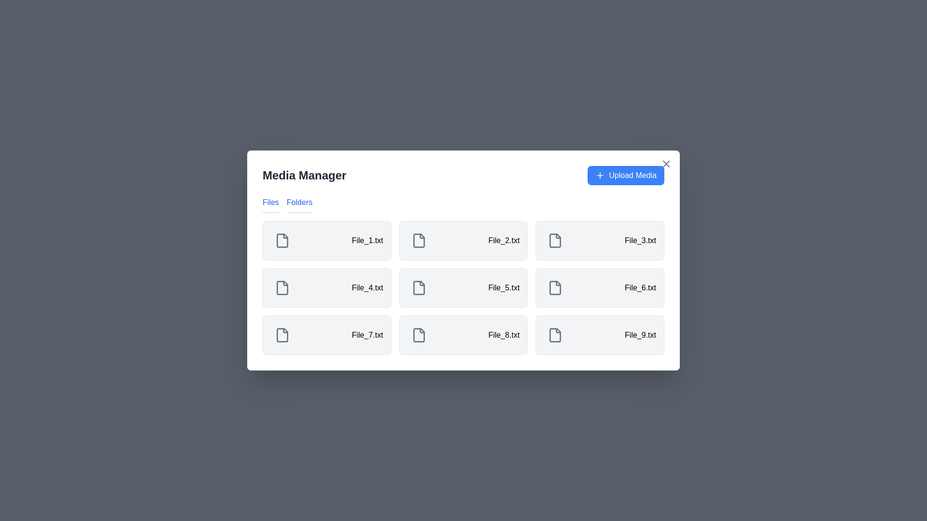 Image resolution: width=927 pixels, height=521 pixels. Describe the element at coordinates (555, 334) in the screenshot. I see `the document file type icon representing 'File_9.txt', located in the last column of the last row in the grid` at that location.